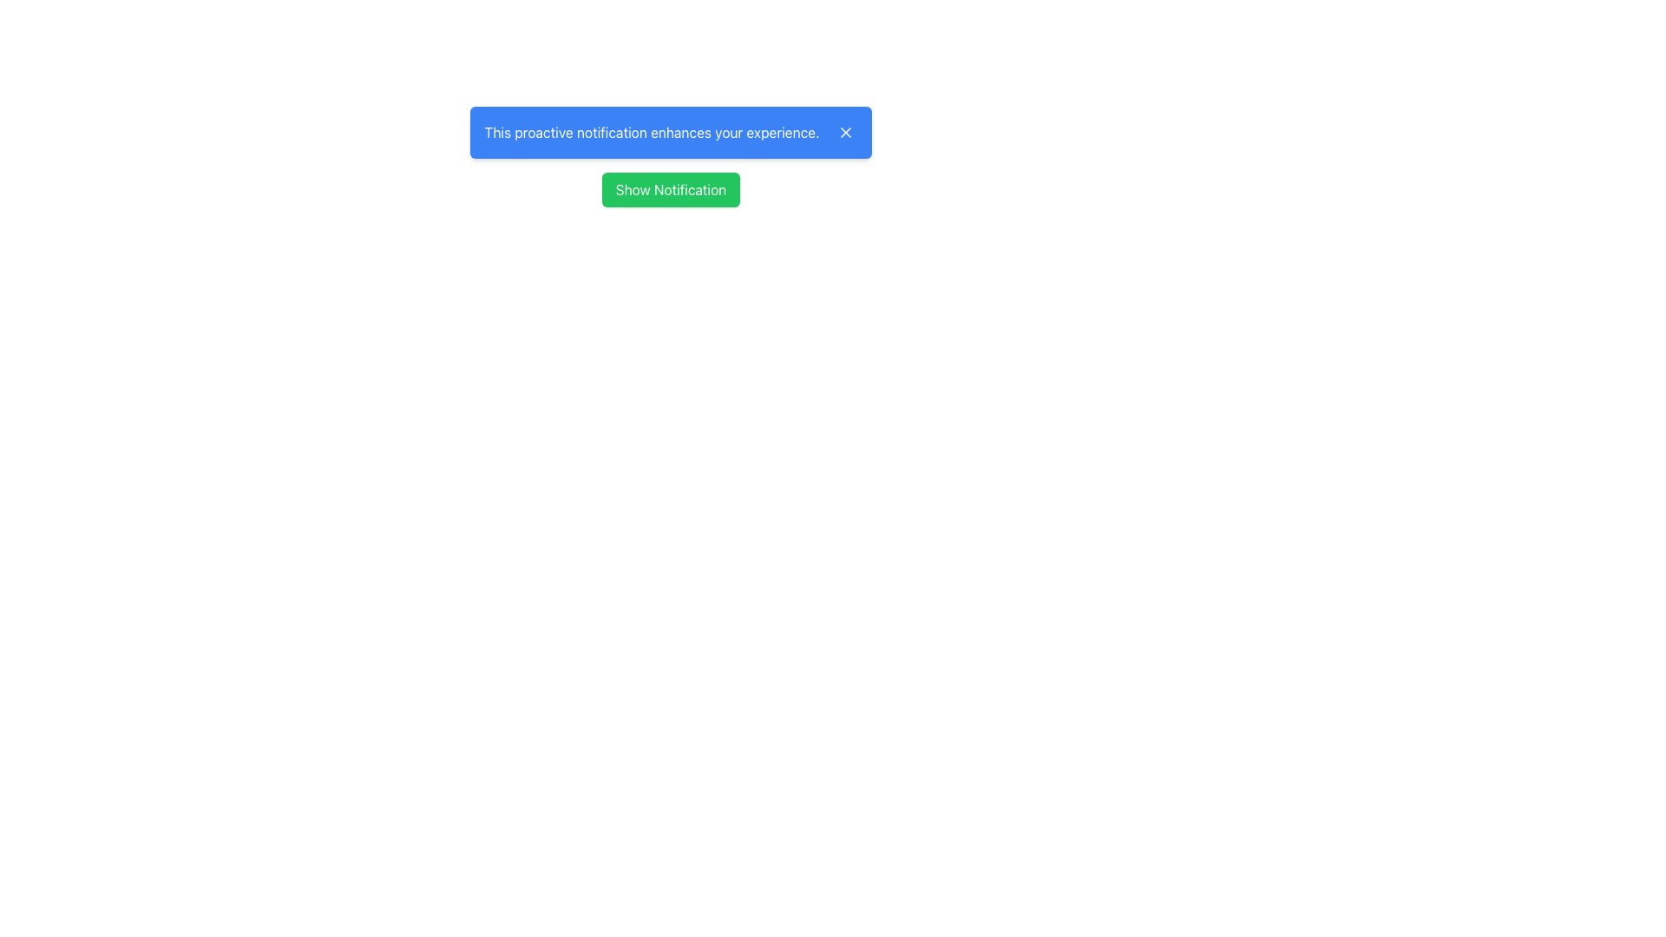 The height and width of the screenshot is (937, 1666). I want to click on the small 'X' icon button located in the top-right corner of the blue notification bar, so click(845, 132).